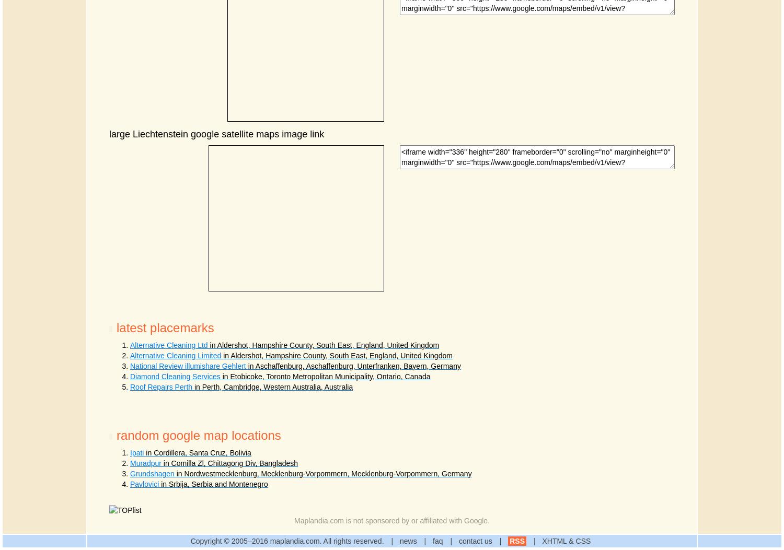 The height and width of the screenshot is (550, 784). What do you see at coordinates (326, 376) in the screenshot?
I see `'in Etobicoke, Toronto Metropolitan Municipality, Ontario, Canada'` at bounding box center [326, 376].